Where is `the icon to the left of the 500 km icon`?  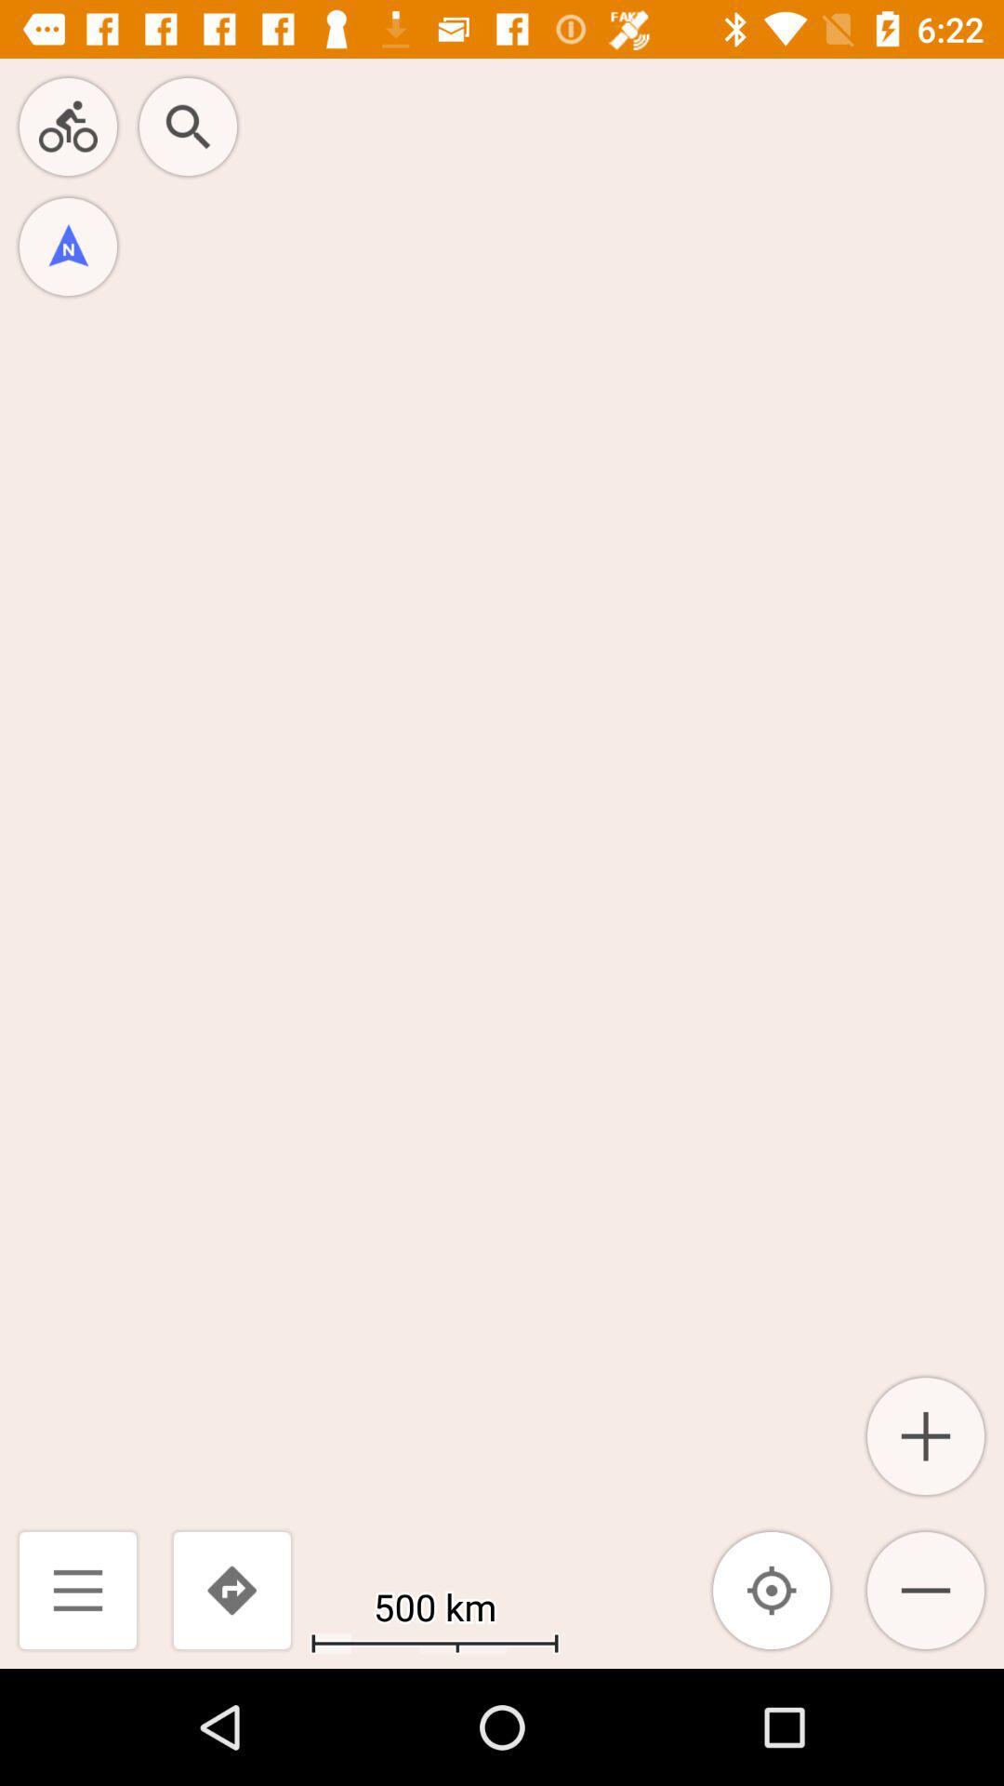 the icon to the left of the 500 km icon is located at coordinates (231, 1589).